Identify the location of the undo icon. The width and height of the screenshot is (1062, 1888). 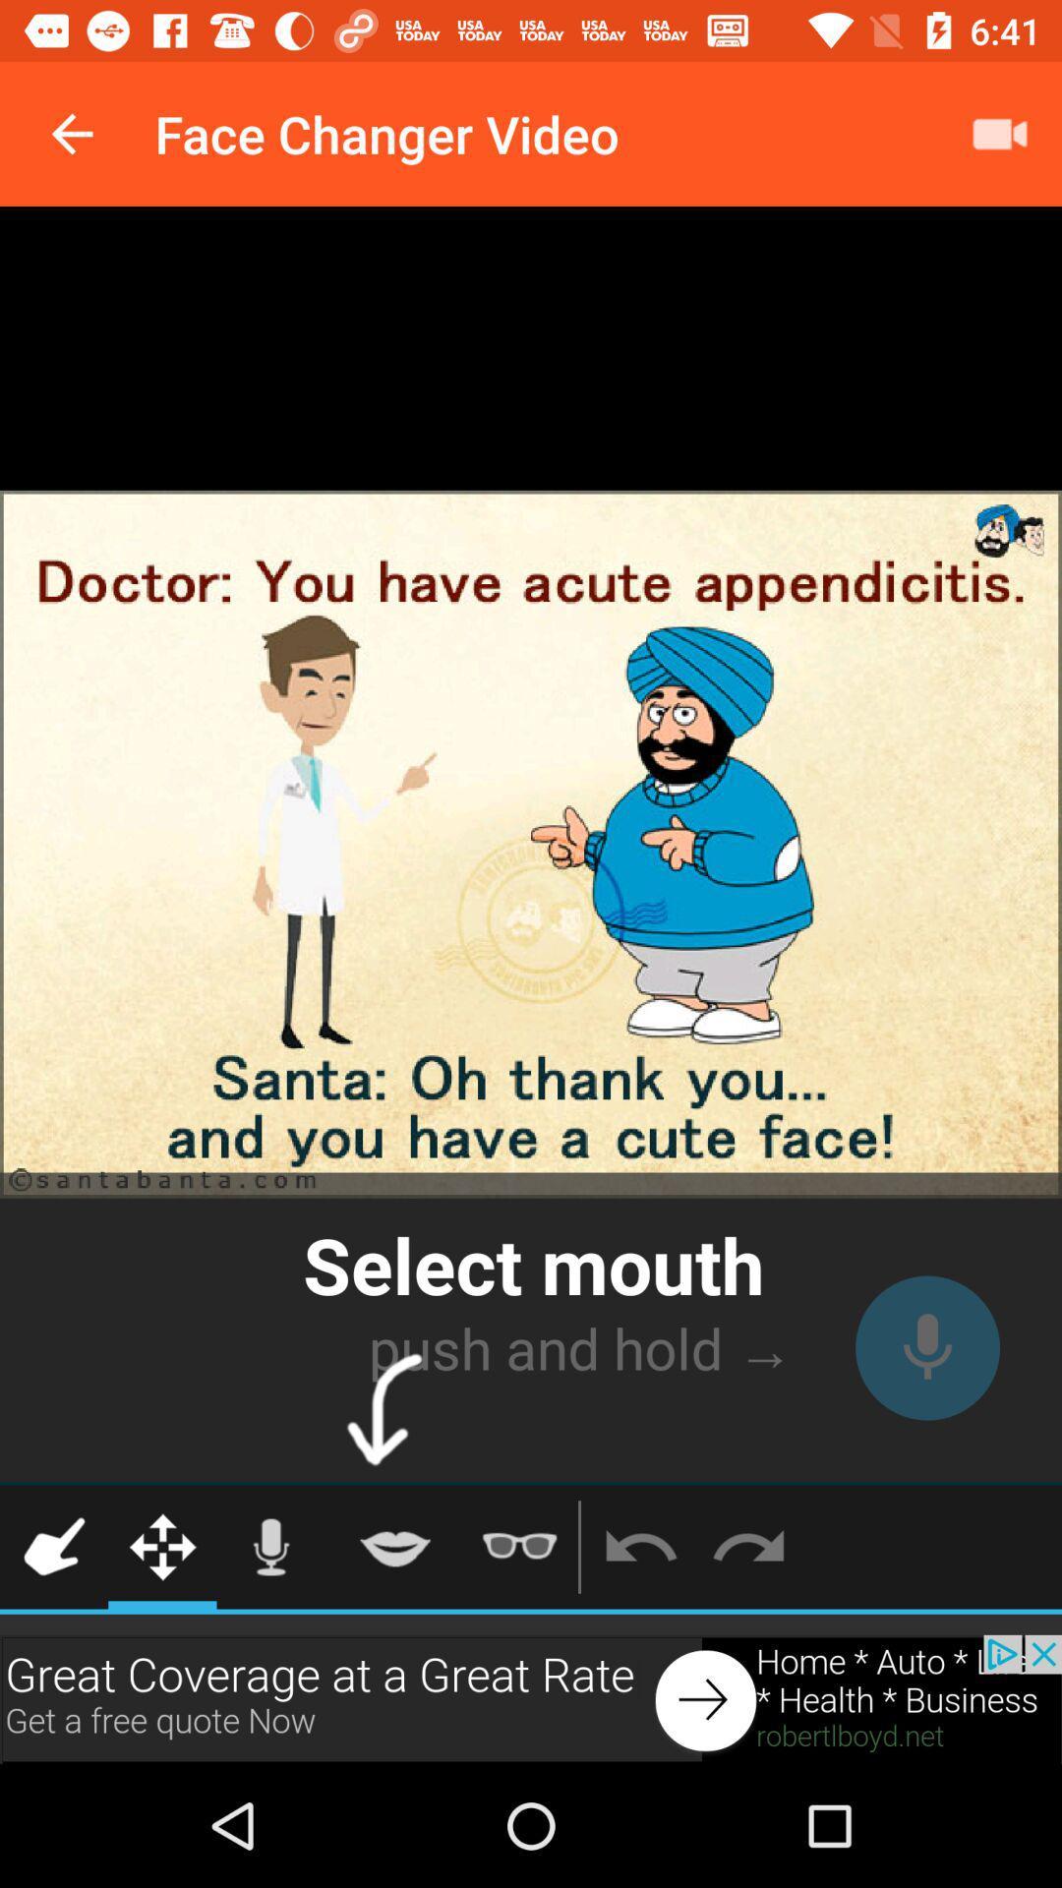
(640, 1546).